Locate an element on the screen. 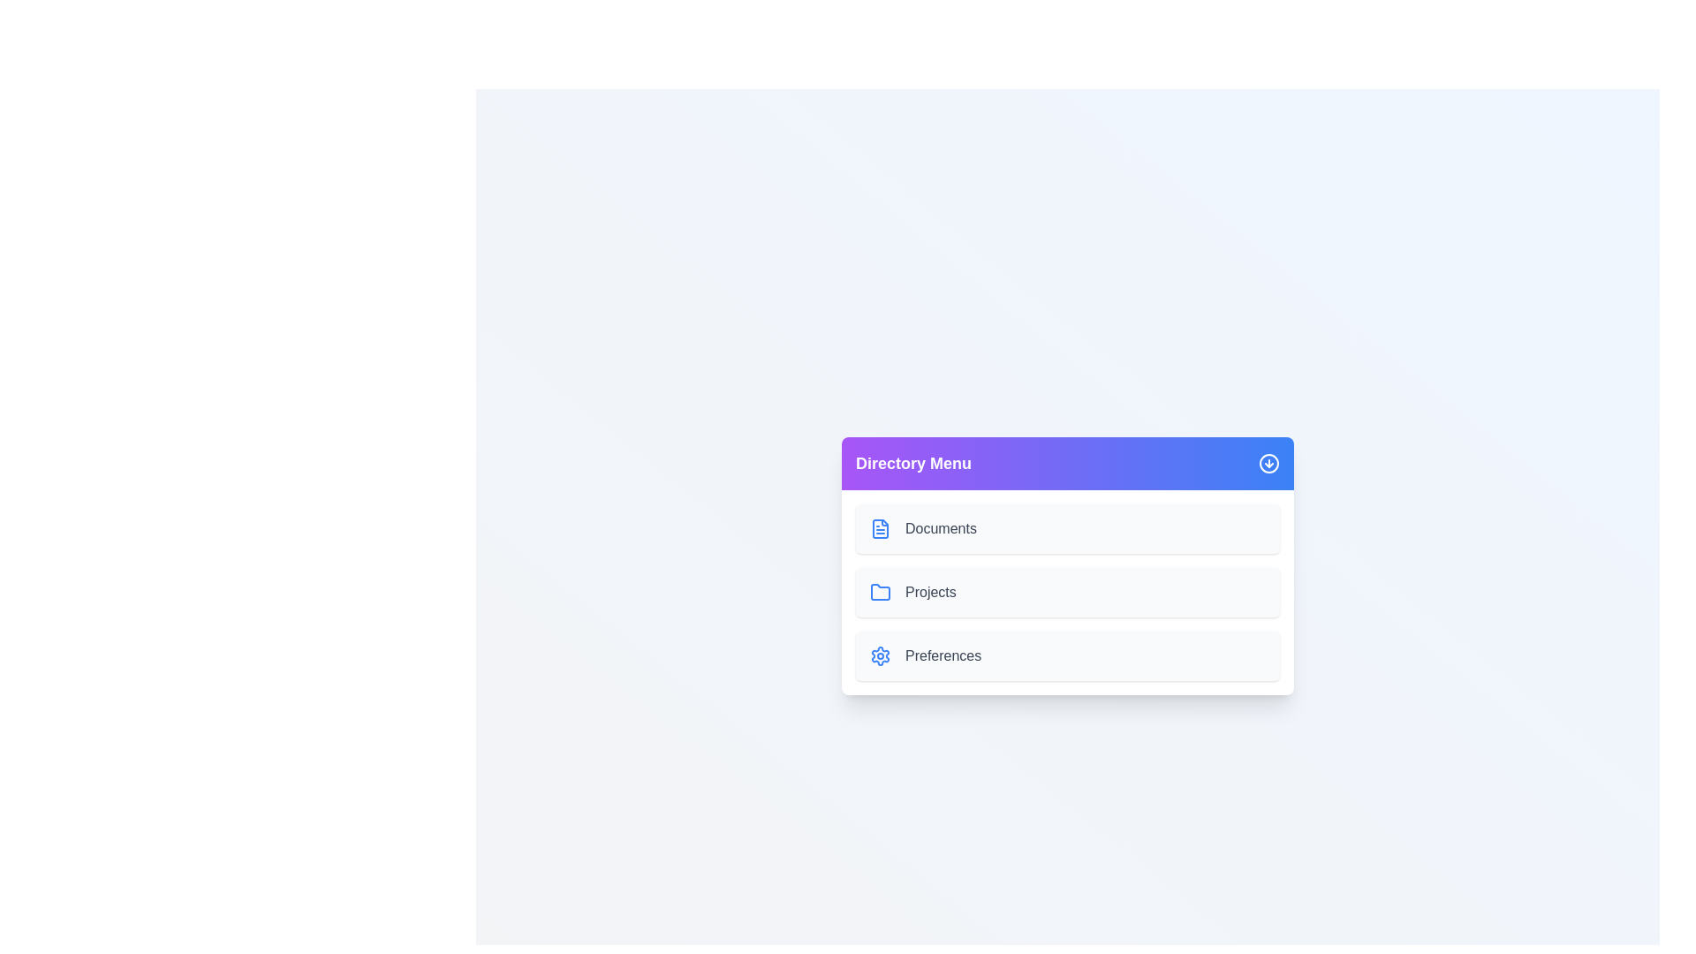  the item Documents to observe its hover effect is located at coordinates (1067, 527).